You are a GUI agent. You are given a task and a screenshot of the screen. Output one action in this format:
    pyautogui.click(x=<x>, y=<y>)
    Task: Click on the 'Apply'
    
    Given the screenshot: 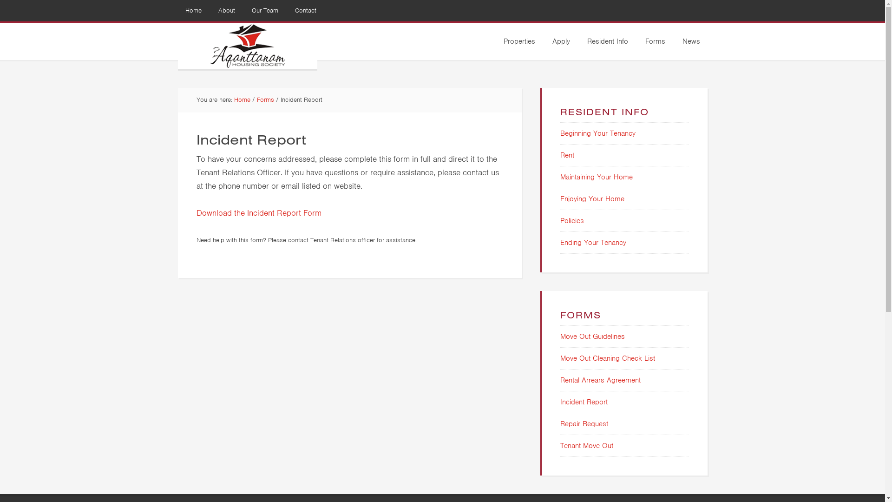 What is the action you would take?
    pyautogui.click(x=560, y=40)
    